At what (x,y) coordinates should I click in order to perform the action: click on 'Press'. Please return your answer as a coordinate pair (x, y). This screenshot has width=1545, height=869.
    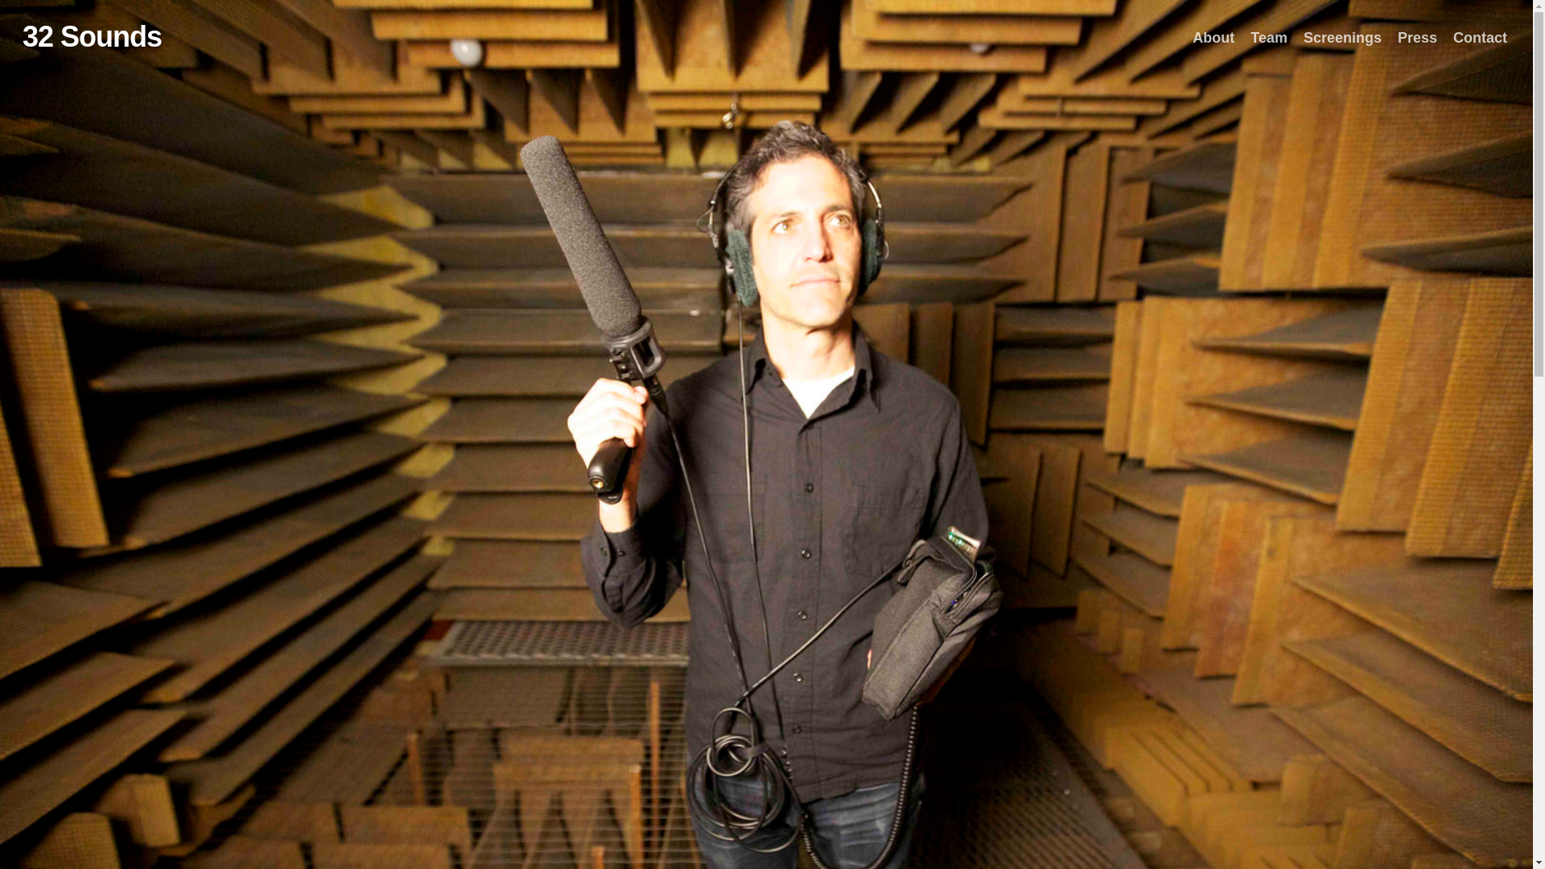
    Looking at the image, I should click on (1397, 36).